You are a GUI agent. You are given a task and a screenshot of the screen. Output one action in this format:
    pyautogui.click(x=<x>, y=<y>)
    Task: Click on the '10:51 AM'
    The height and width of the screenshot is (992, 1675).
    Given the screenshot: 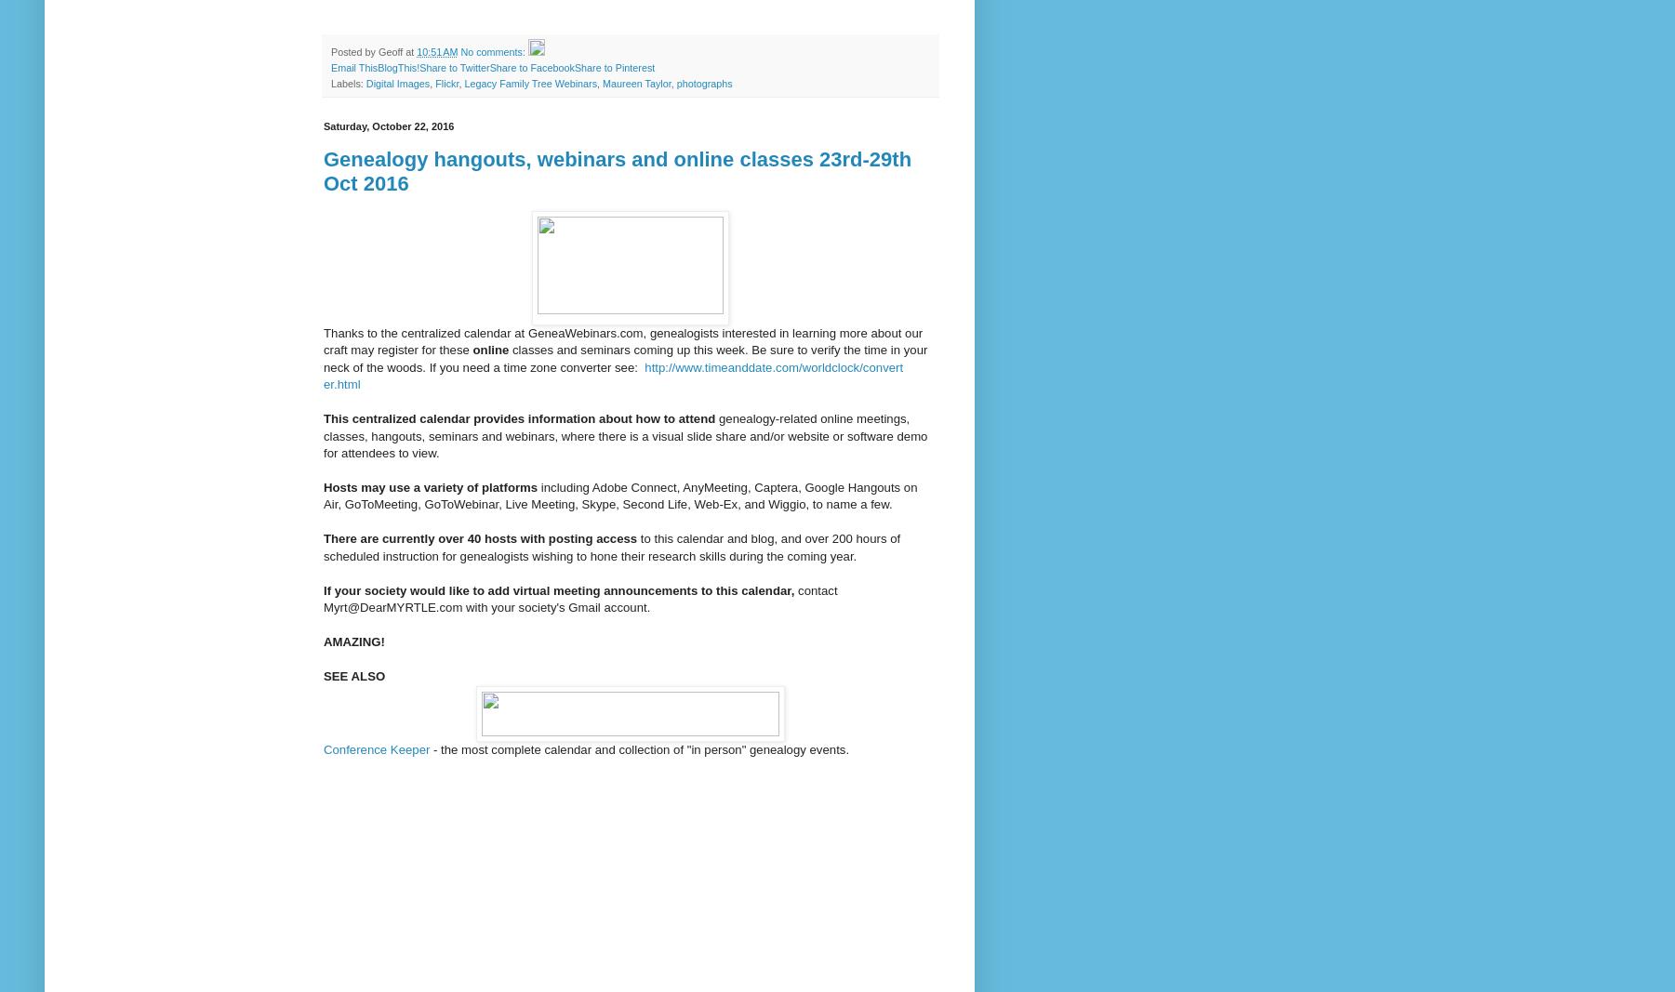 What is the action you would take?
    pyautogui.click(x=416, y=49)
    